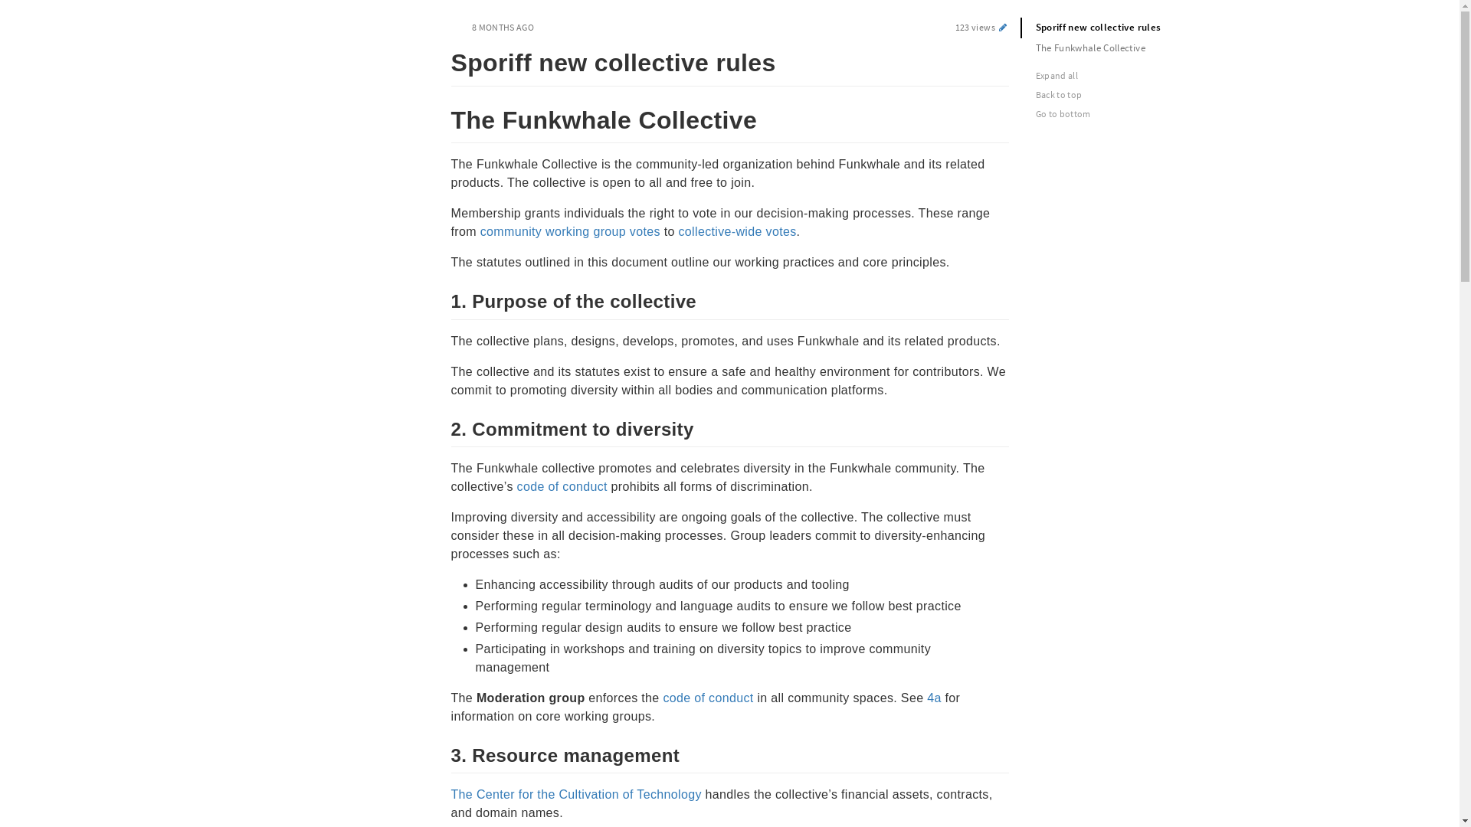 This screenshot has width=1471, height=827. What do you see at coordinates (575, 793) in the screenshot?
I see `'The Center for the Cultivation of Technology'` at bounding box center [575, 793].